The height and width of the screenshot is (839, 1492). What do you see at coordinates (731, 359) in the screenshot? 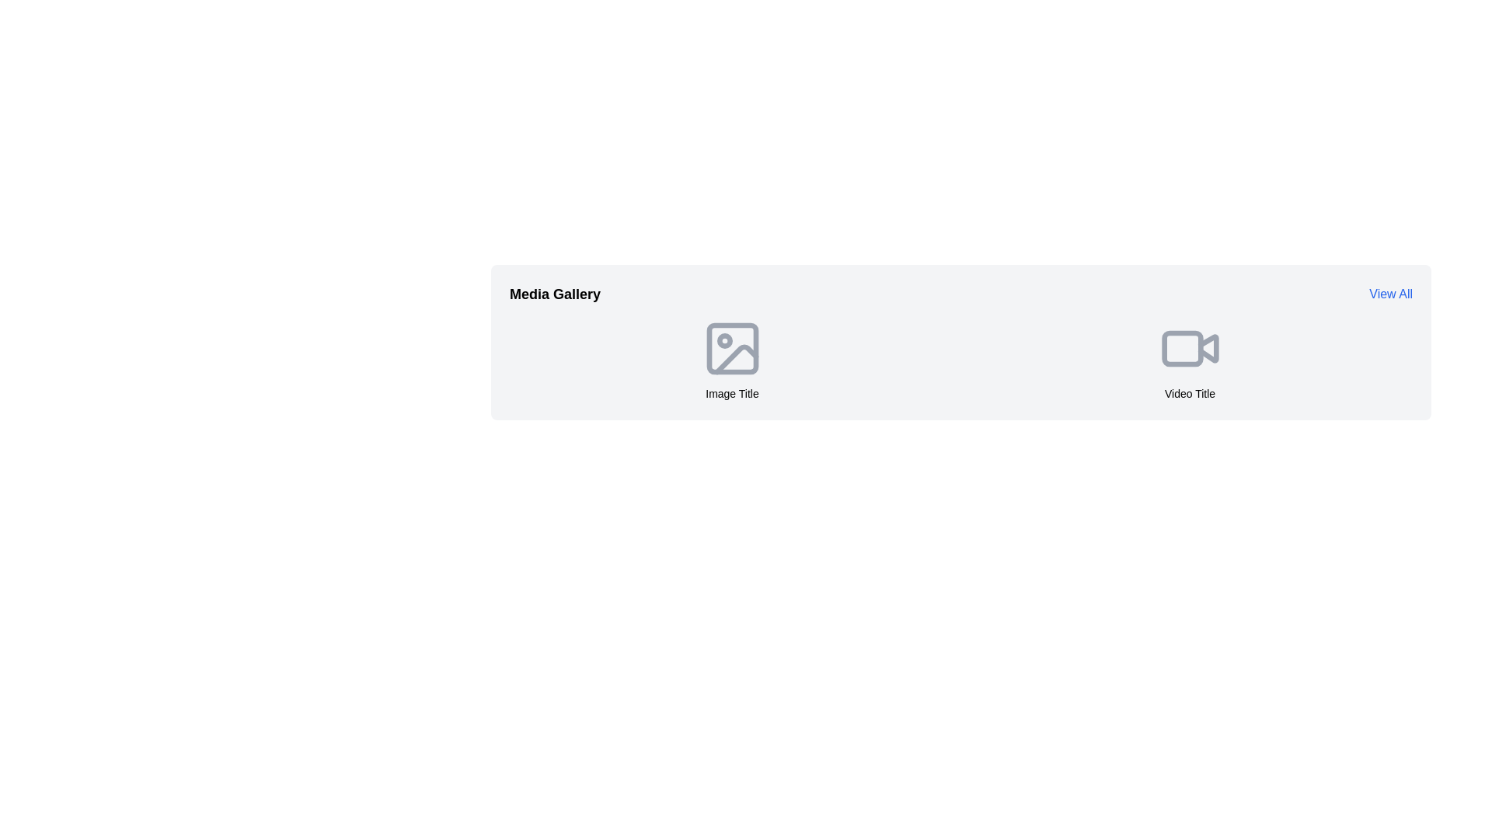
I see `the clickable card or tile with an embedded icon and label` at bounding box center [731, 359].